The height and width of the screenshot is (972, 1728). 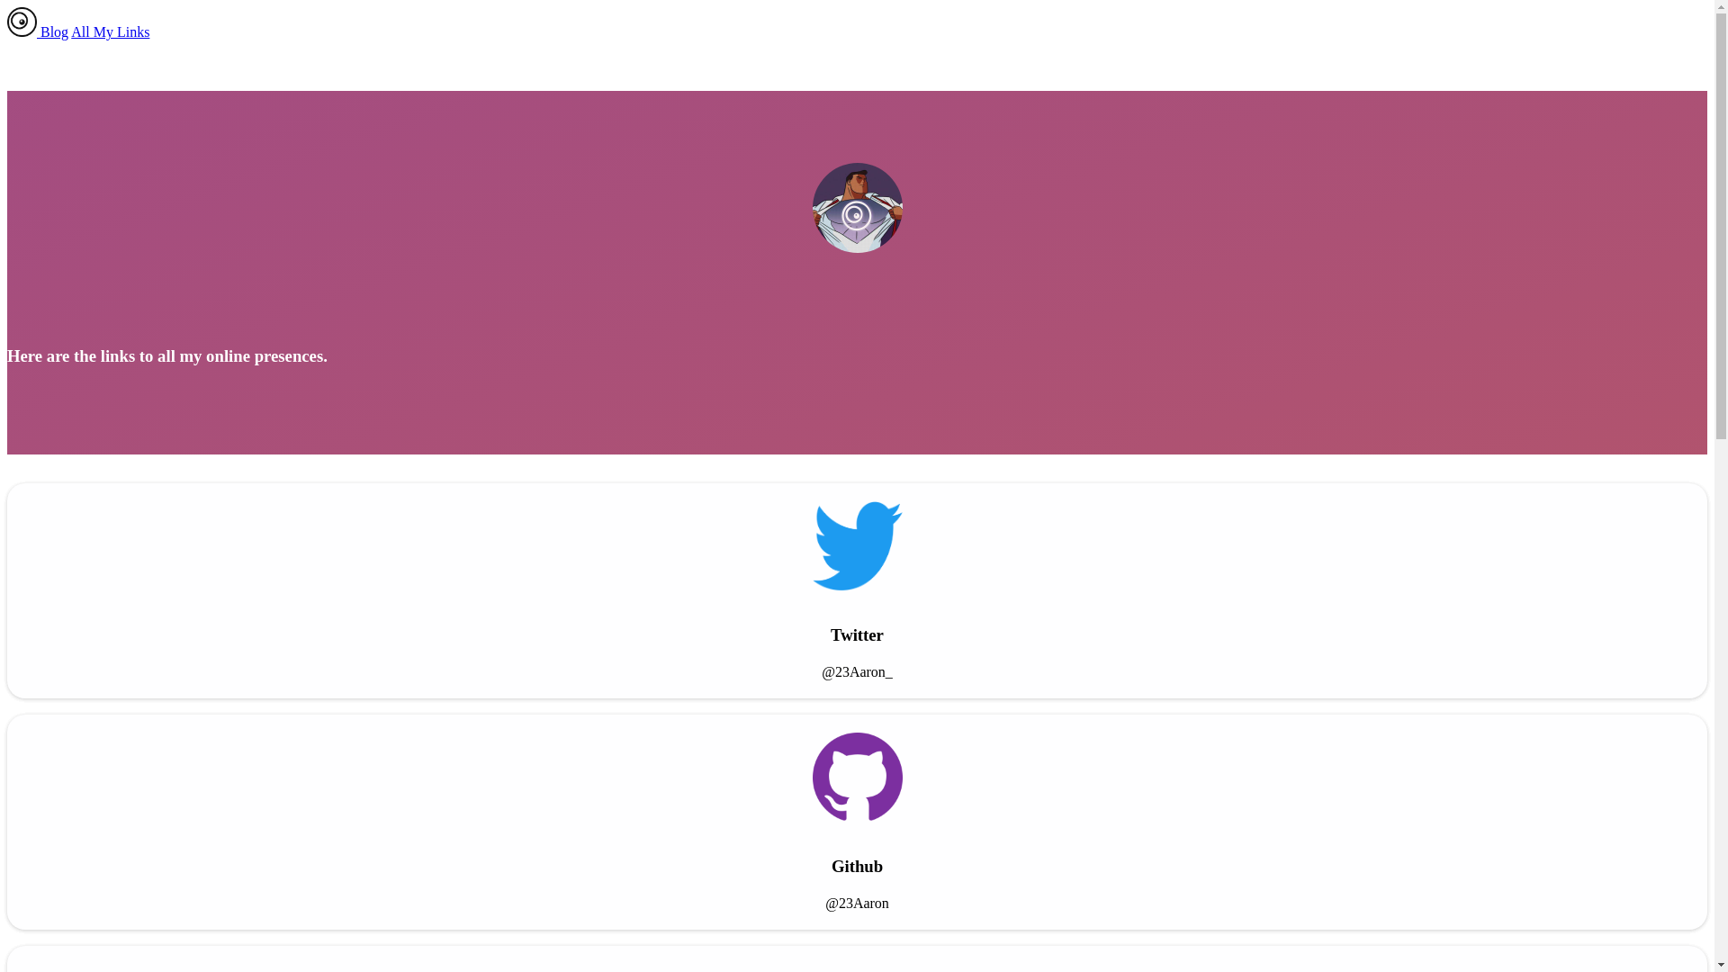 I want to click on 'Github, so click(x=856, y=822).